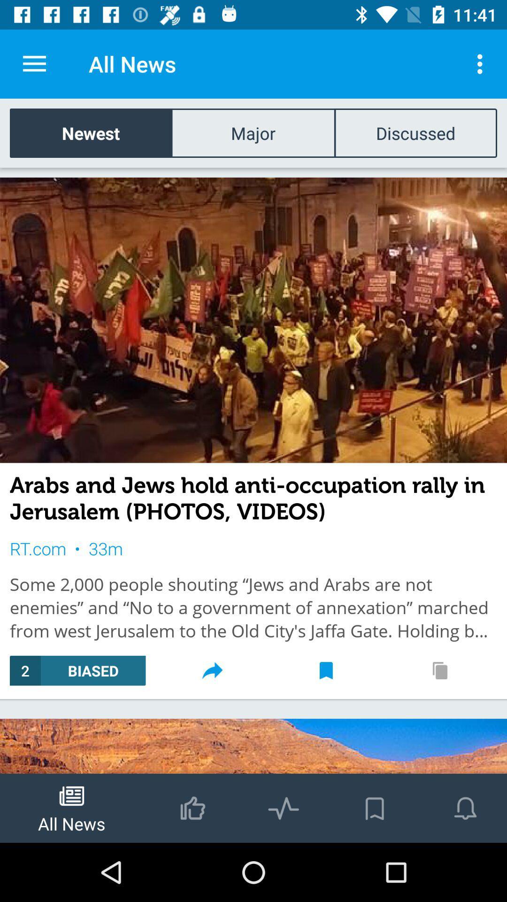  What do you see at coordinates (91, 132) in the screenshot?
I see `the item to the left of major` at bounding box center [91, 132].